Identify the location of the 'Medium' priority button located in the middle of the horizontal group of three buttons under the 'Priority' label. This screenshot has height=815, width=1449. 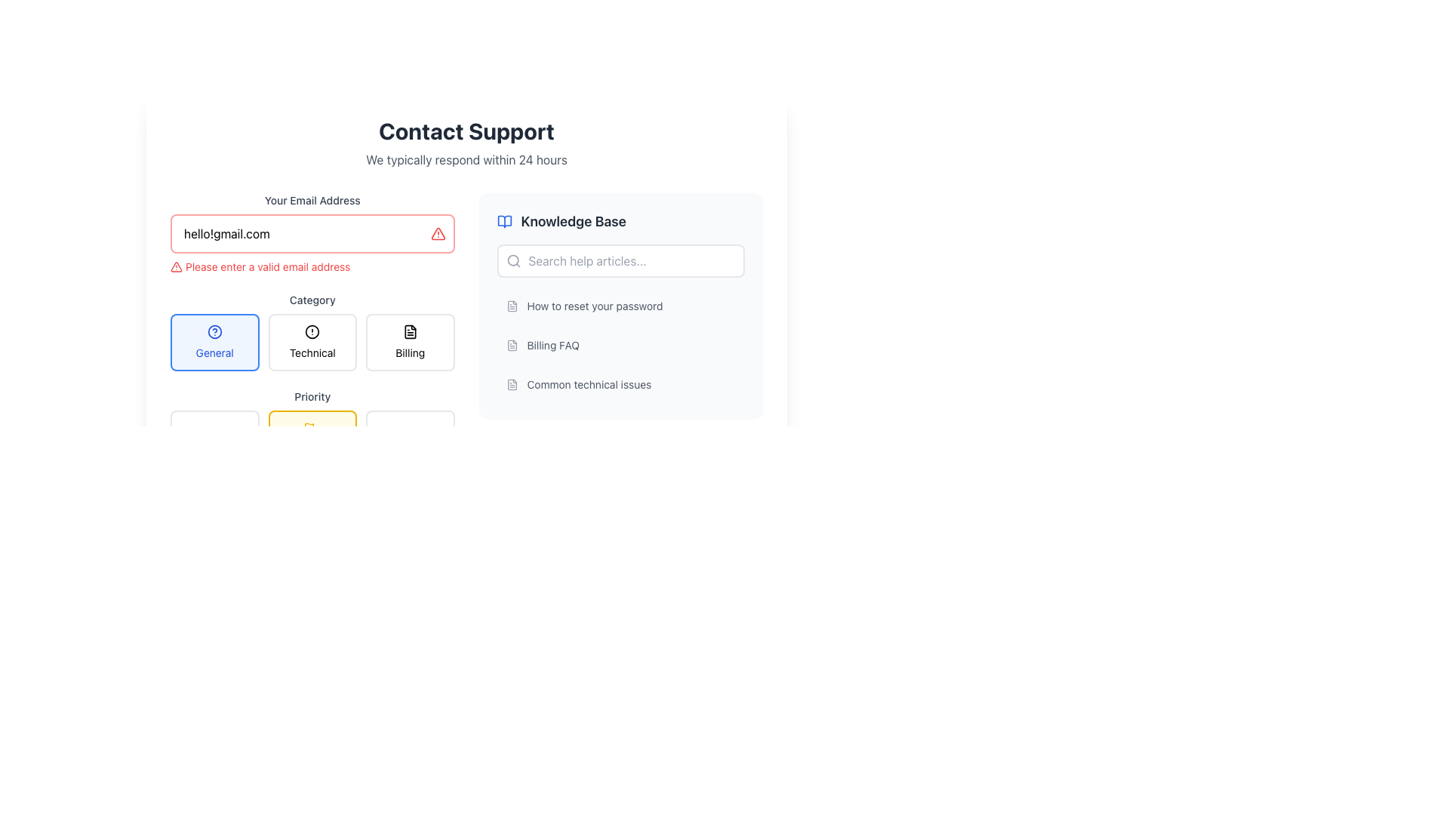
(312, 425).